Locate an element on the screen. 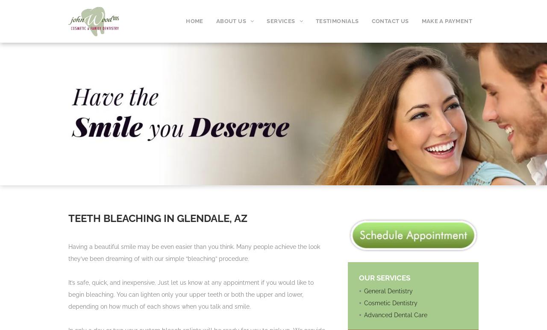 The image size is (547, 330). 'It’s safe, quick, and inexpensive. Just let us know at any appointment if you would like to begin bleaching. You can lighten only your upper teeth or both the upper and lower, depending on how much of each shows when you talk and smile.' is located at coordinates (190, 294).